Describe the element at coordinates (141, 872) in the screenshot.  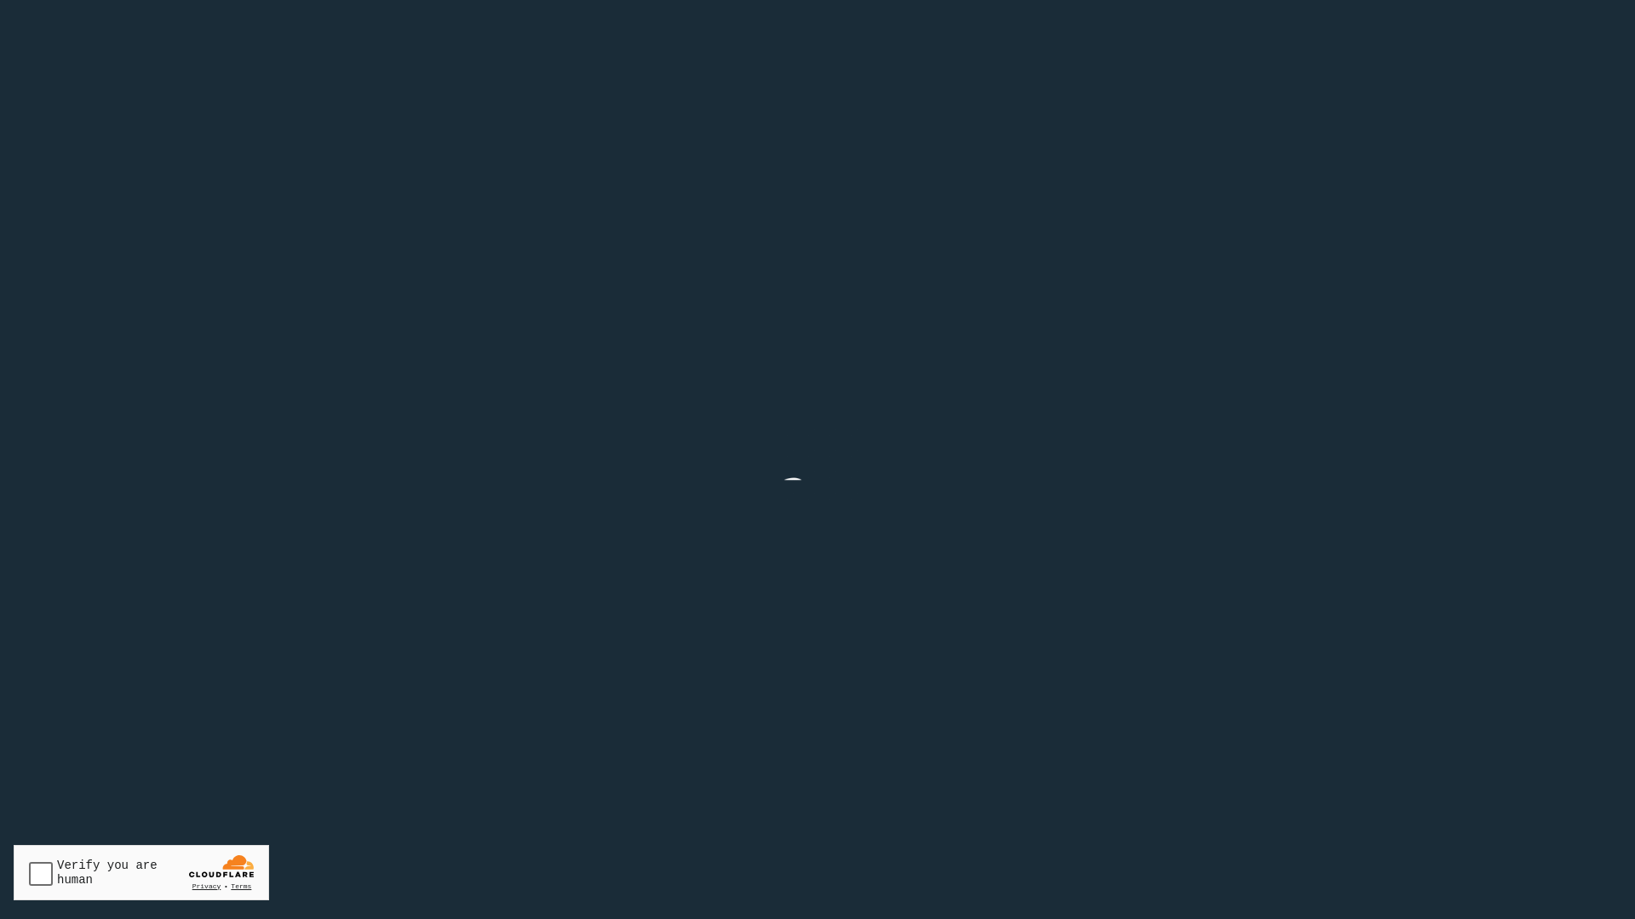
I see `'Widget containing a Cloudflare security challenge'` at that location.